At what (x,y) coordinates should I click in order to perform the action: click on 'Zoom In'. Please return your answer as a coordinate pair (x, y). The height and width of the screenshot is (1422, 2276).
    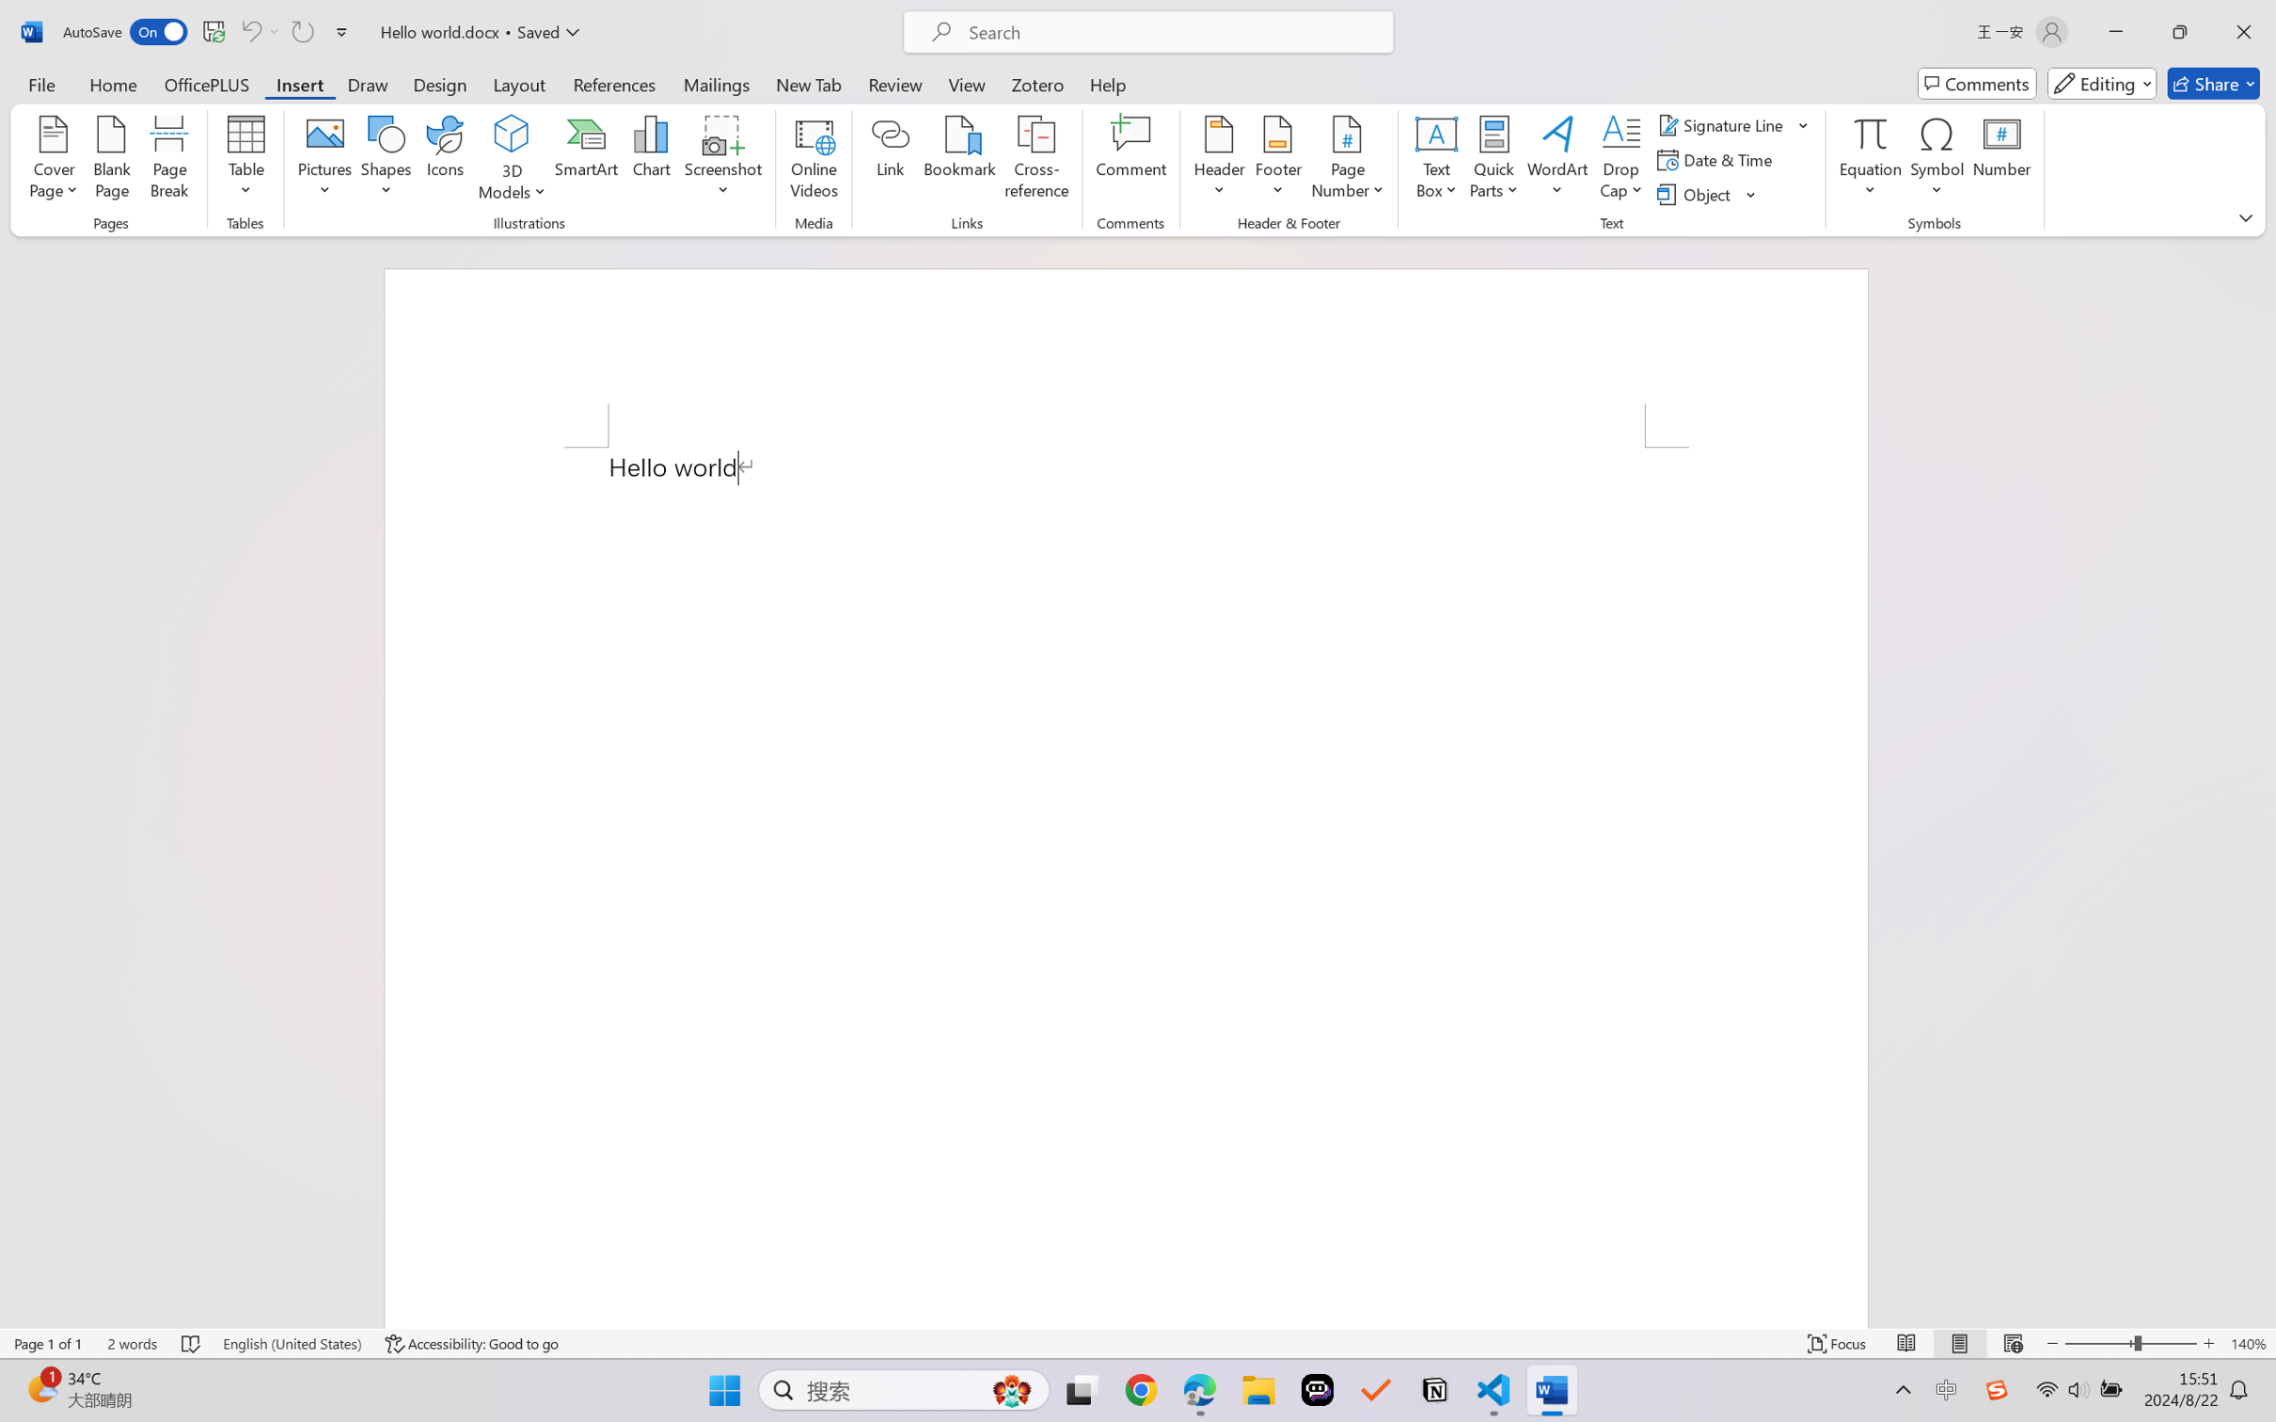
    Looking at the image, I should click on (2208, 1343).